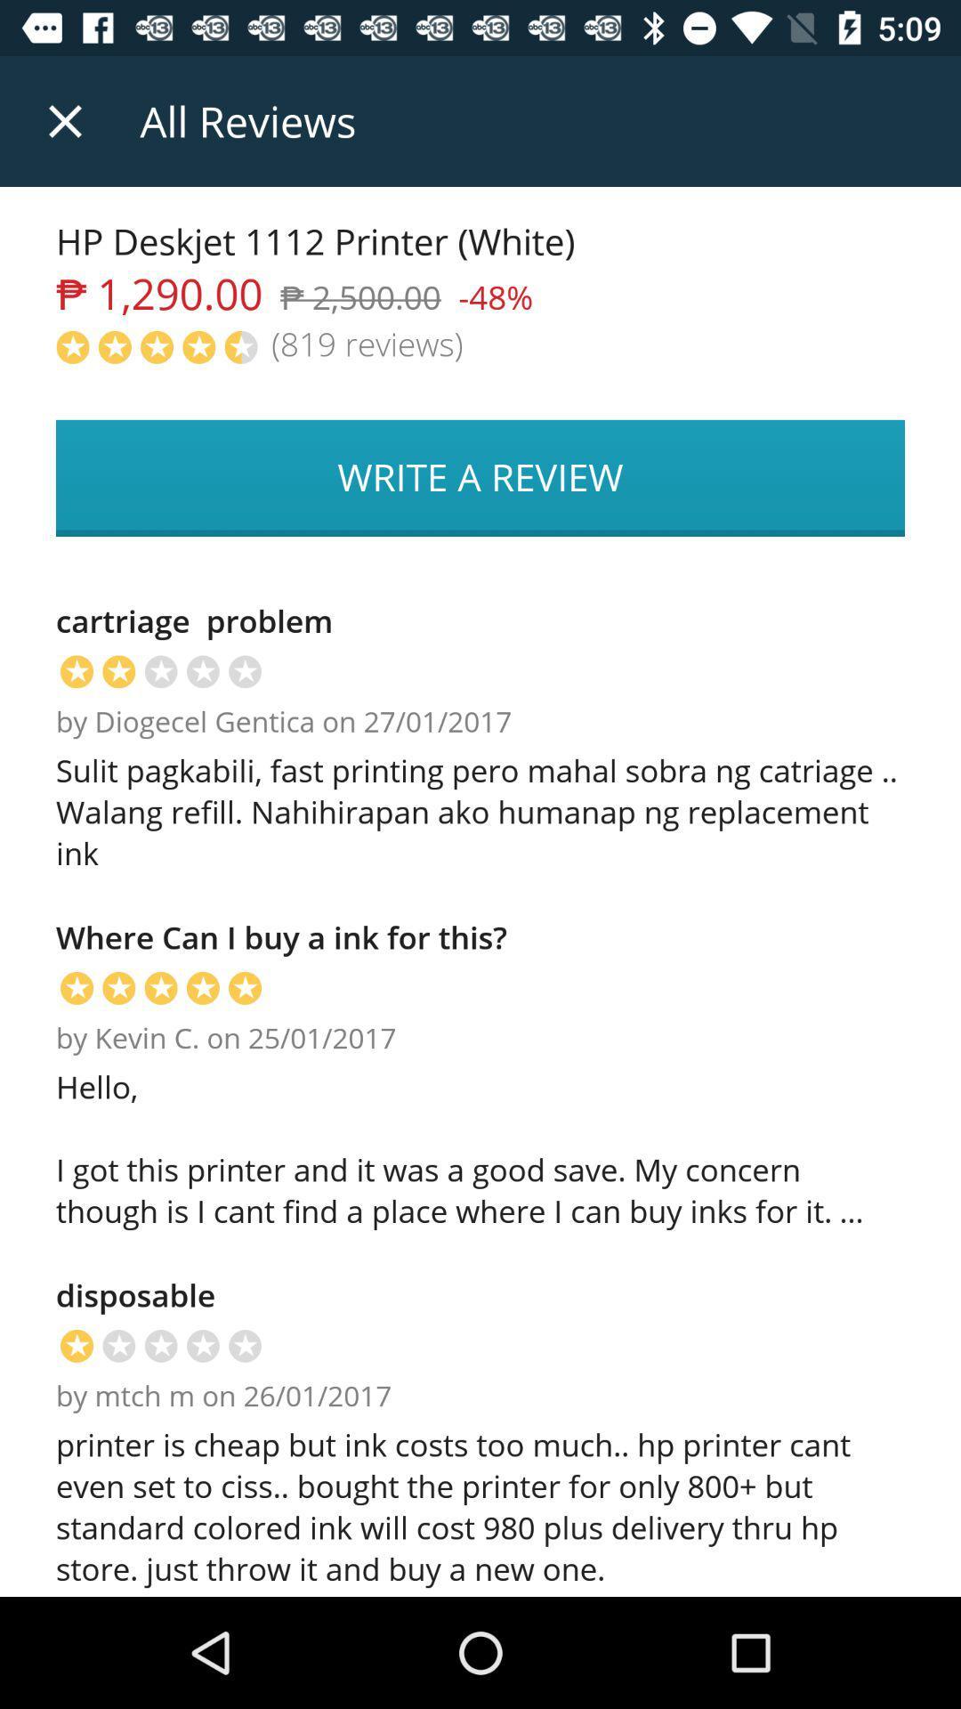 The height and width of the screenshot is (1709, 961). I want to click on the write a review icon, so click(480, 478).